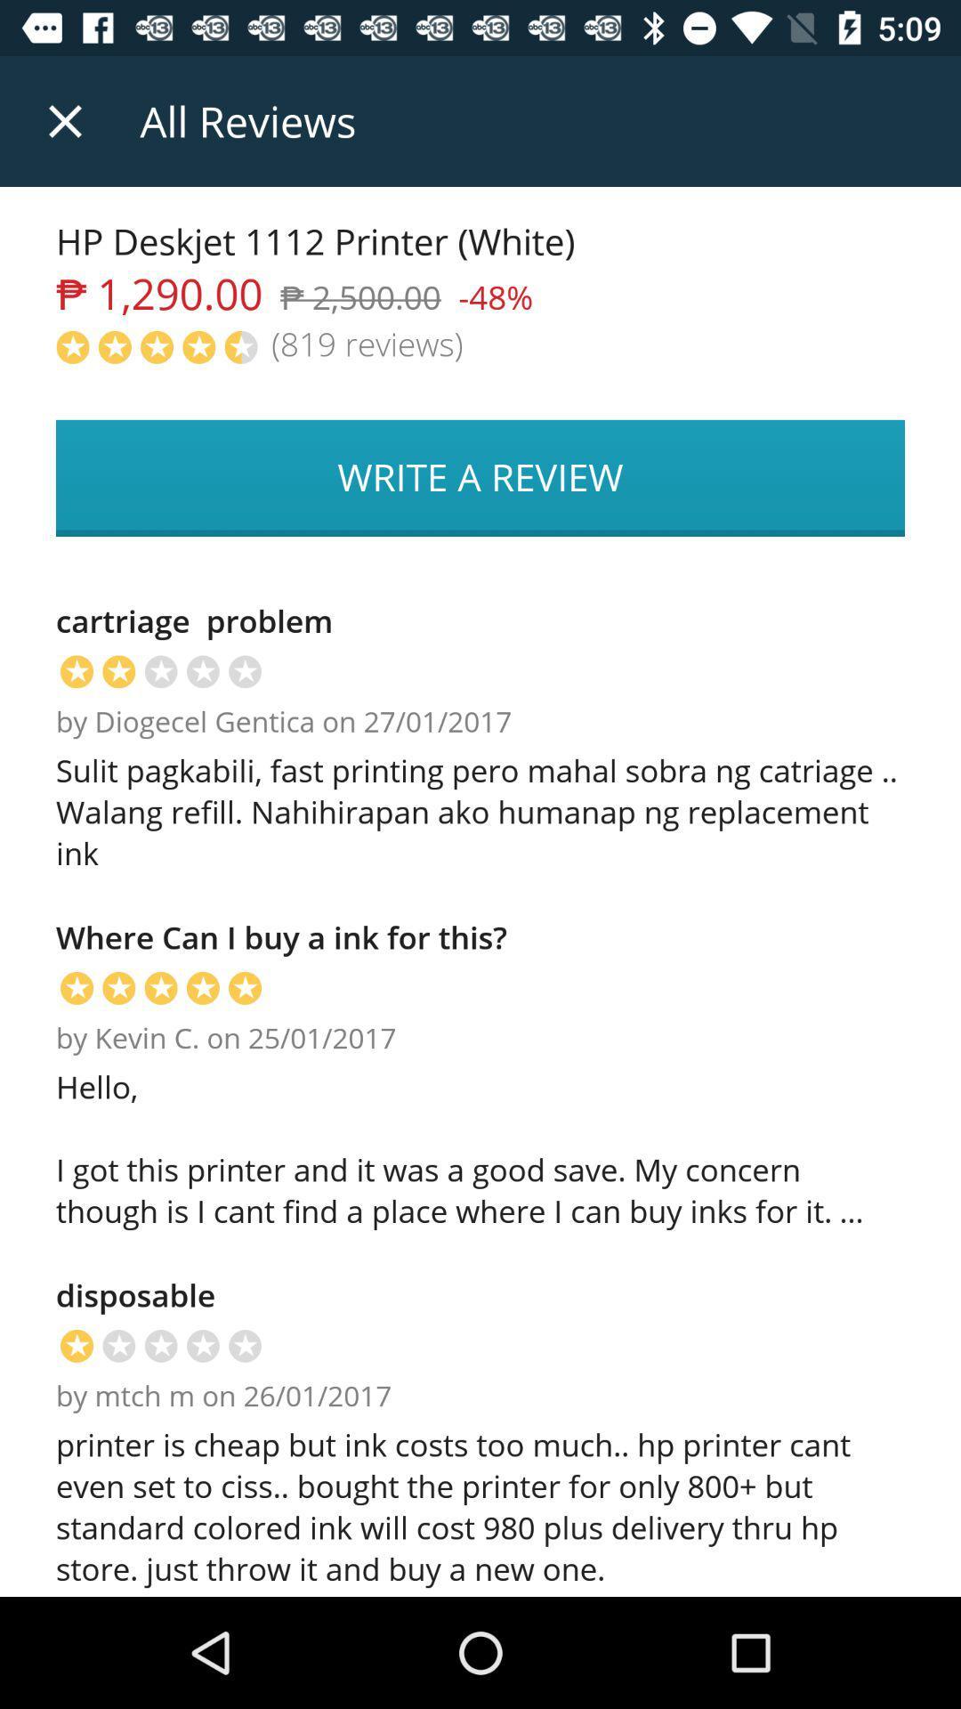 The height and width of the screenshot is (1709, 961). I want to click on the write a review icon, so click(480, 478).